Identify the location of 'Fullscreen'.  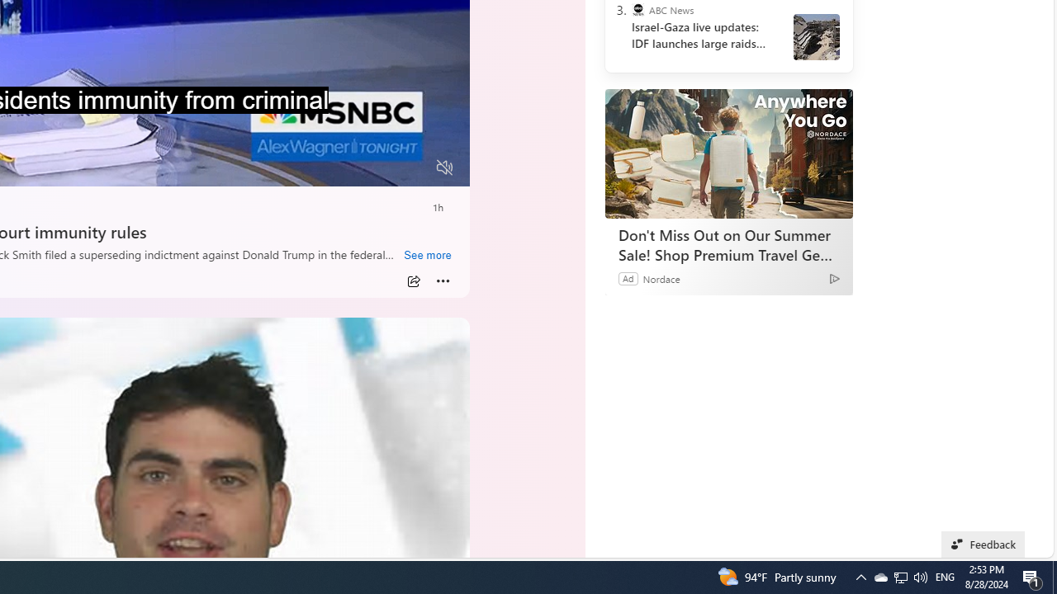
(414, 167).